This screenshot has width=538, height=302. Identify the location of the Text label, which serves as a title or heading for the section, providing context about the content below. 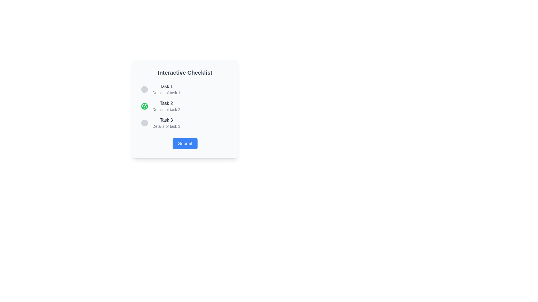
(185, 72).